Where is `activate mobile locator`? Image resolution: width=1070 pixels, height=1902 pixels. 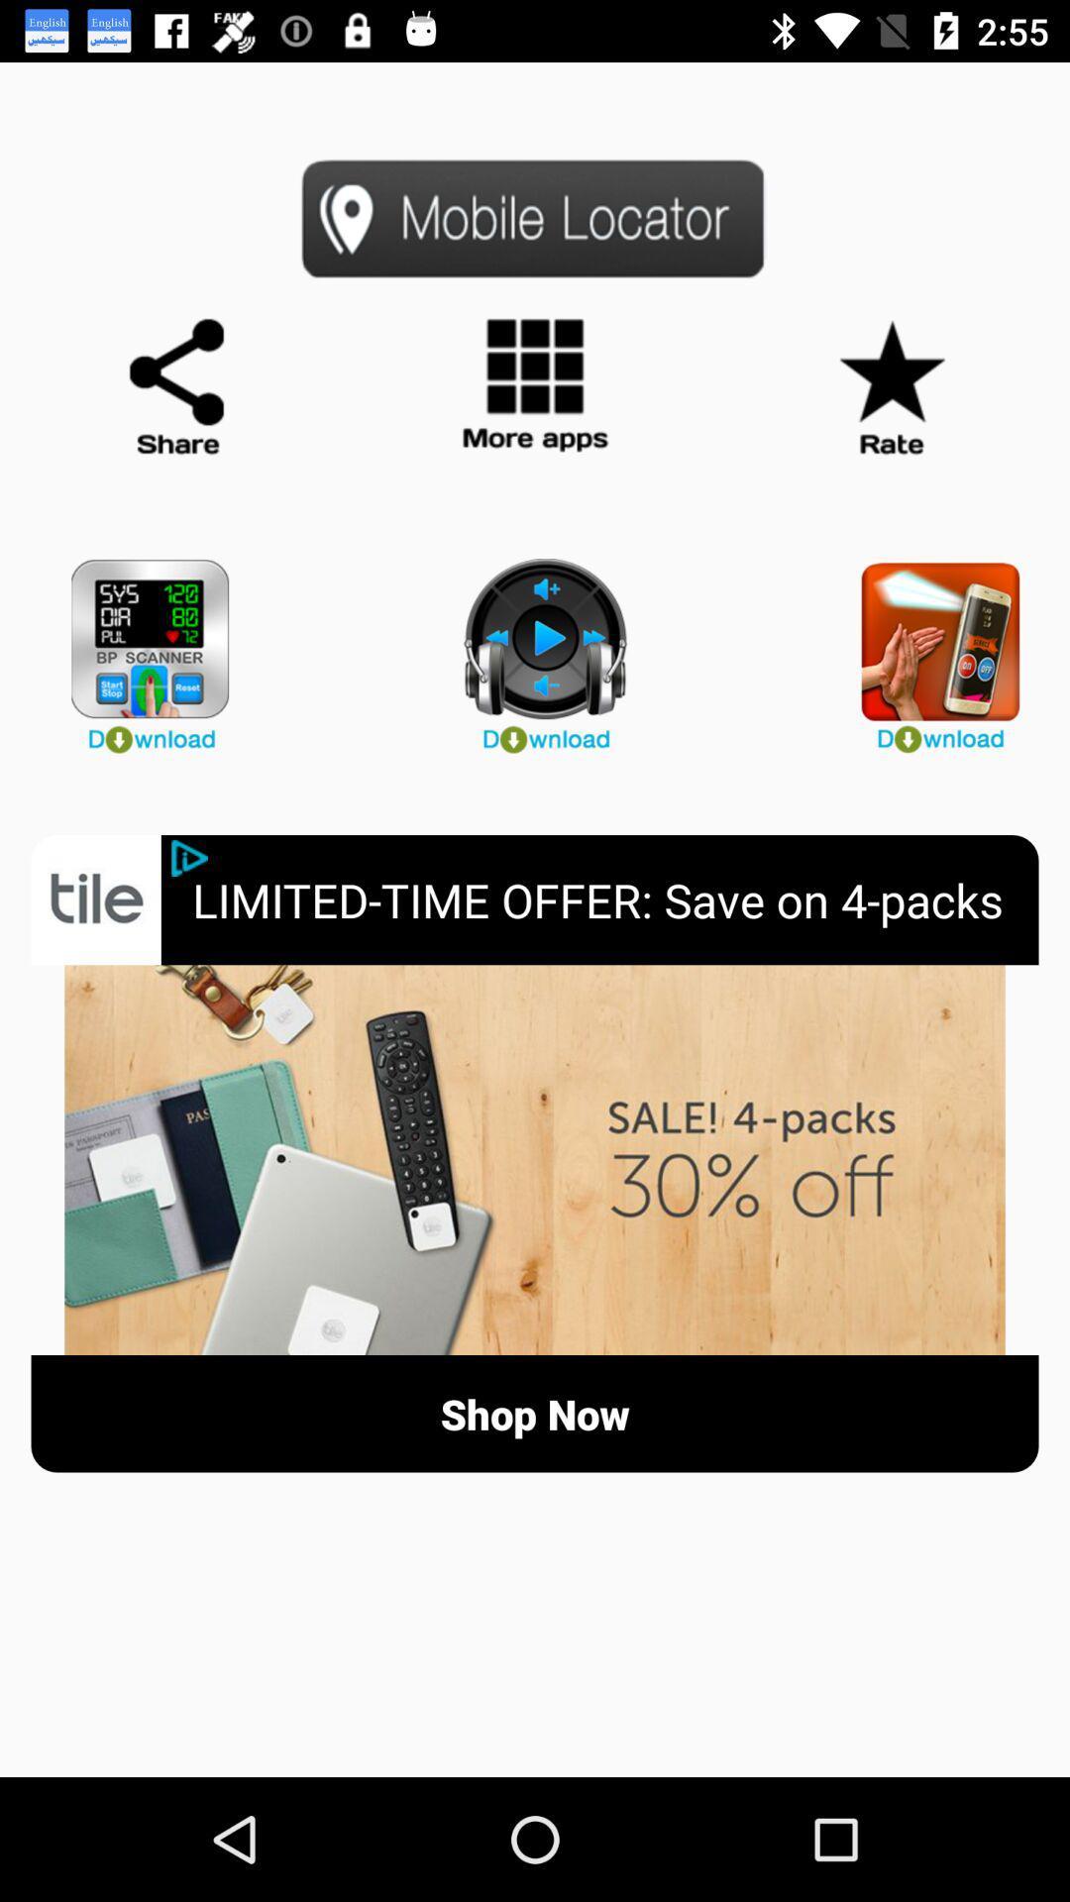
activate mobile locator is located at coordinates (535, 218).